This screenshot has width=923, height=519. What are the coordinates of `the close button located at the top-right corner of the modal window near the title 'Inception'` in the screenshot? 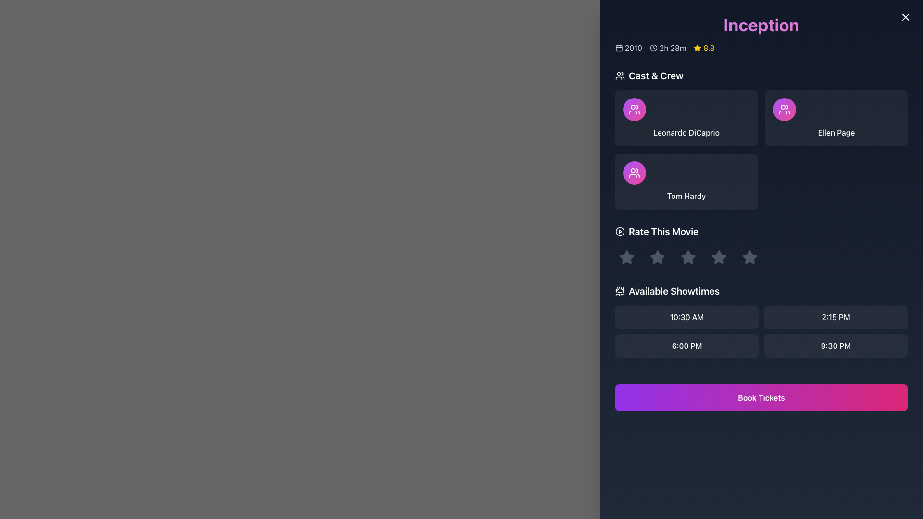 It's located at (903, 19).